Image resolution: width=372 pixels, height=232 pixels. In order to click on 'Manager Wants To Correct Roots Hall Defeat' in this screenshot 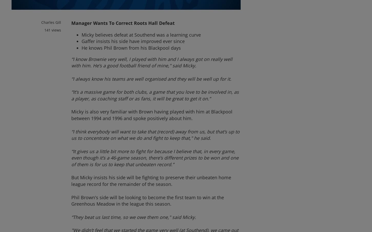, I will do `click(123, 23)`.